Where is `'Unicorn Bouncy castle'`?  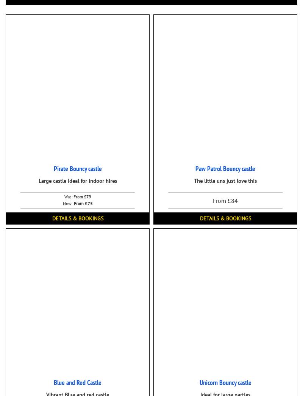
'Unicorn Bouncy castle' is located at coordinates (225, 382).